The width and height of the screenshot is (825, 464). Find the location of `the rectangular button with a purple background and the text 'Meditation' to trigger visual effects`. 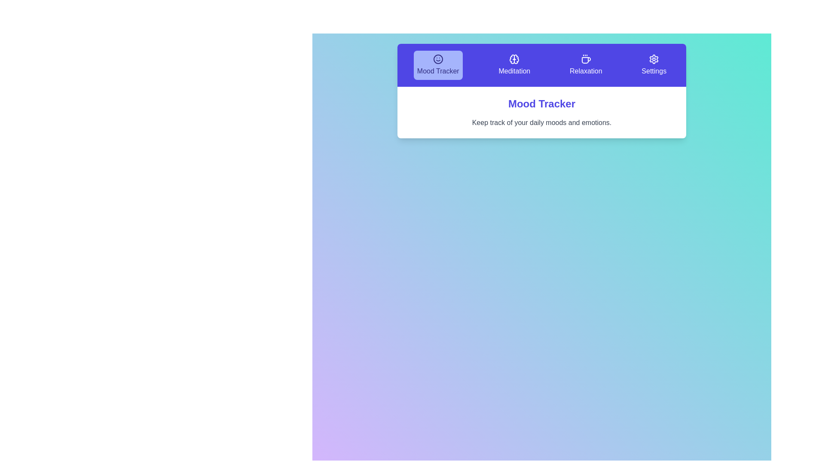

the rectangular button with a purple background and the text 'Meditation' to trigger visual effects is located at coordinates (514, 64).